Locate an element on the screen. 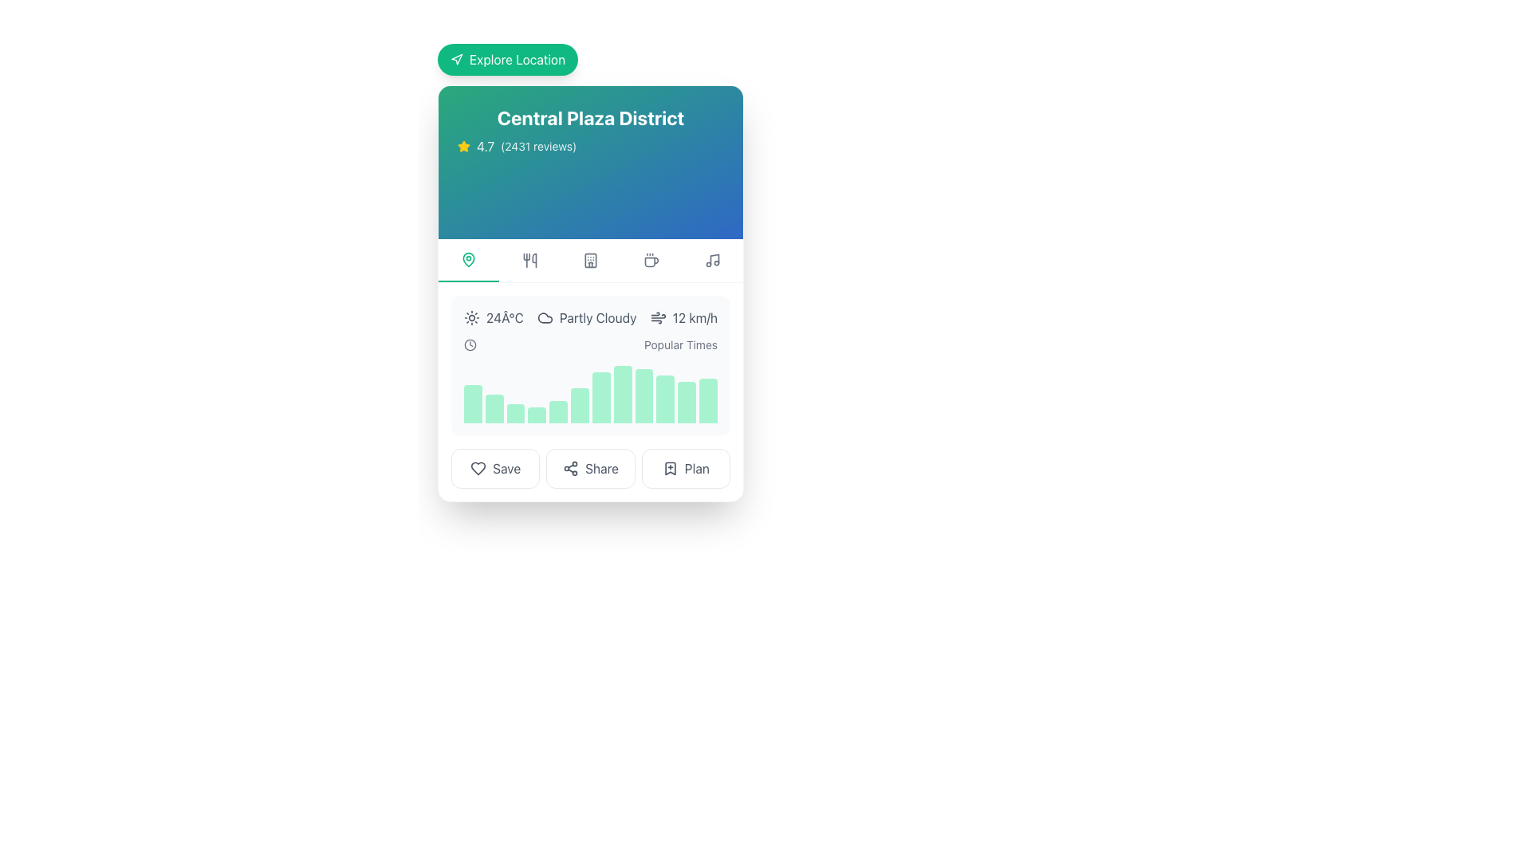 Image resolution: width=1531 pixels, height=861 pixels. the coffee shop icon is located at coordinates (651, 261).